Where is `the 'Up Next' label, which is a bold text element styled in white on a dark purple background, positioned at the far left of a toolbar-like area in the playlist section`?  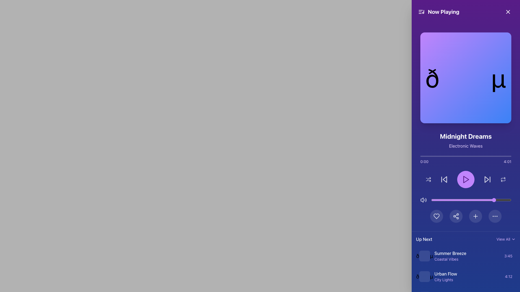
the 'Up Next' label, which is a bold text element styled in white on a dark purple background, positioned at the far left of a toolbar-like area in the playlist section is located at coordinates (424, 239).